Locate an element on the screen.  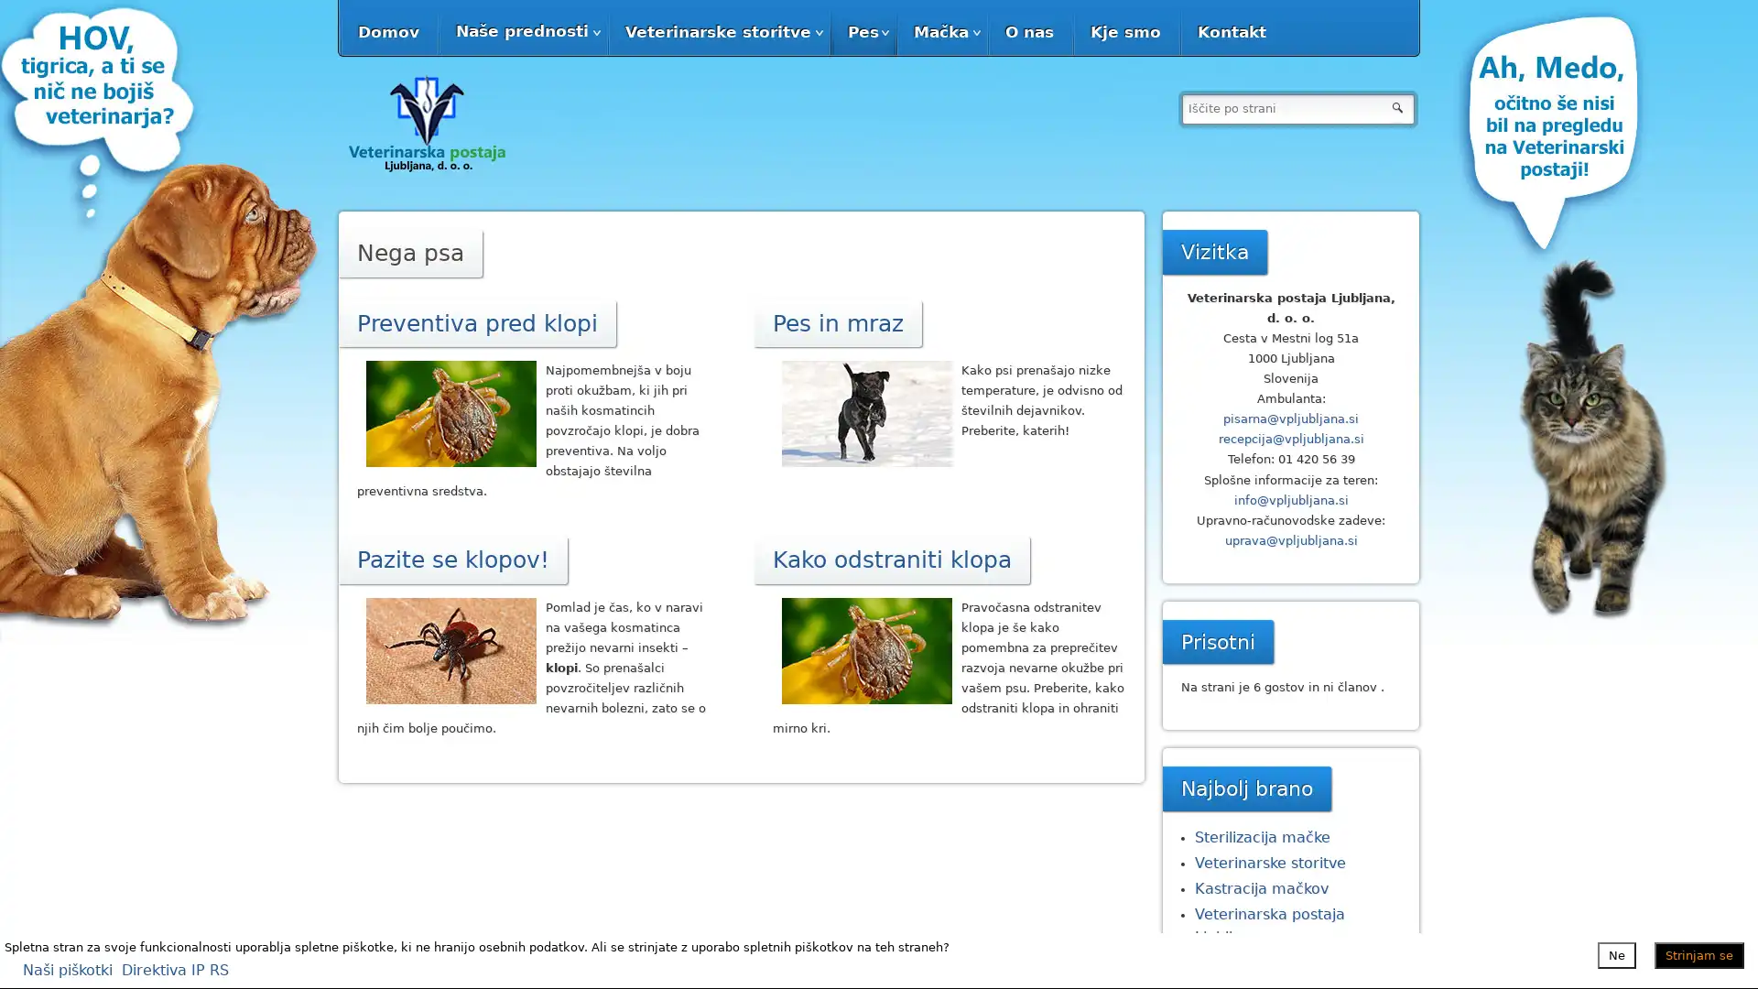
Strinjam se is located at coordinates (1698, 953).